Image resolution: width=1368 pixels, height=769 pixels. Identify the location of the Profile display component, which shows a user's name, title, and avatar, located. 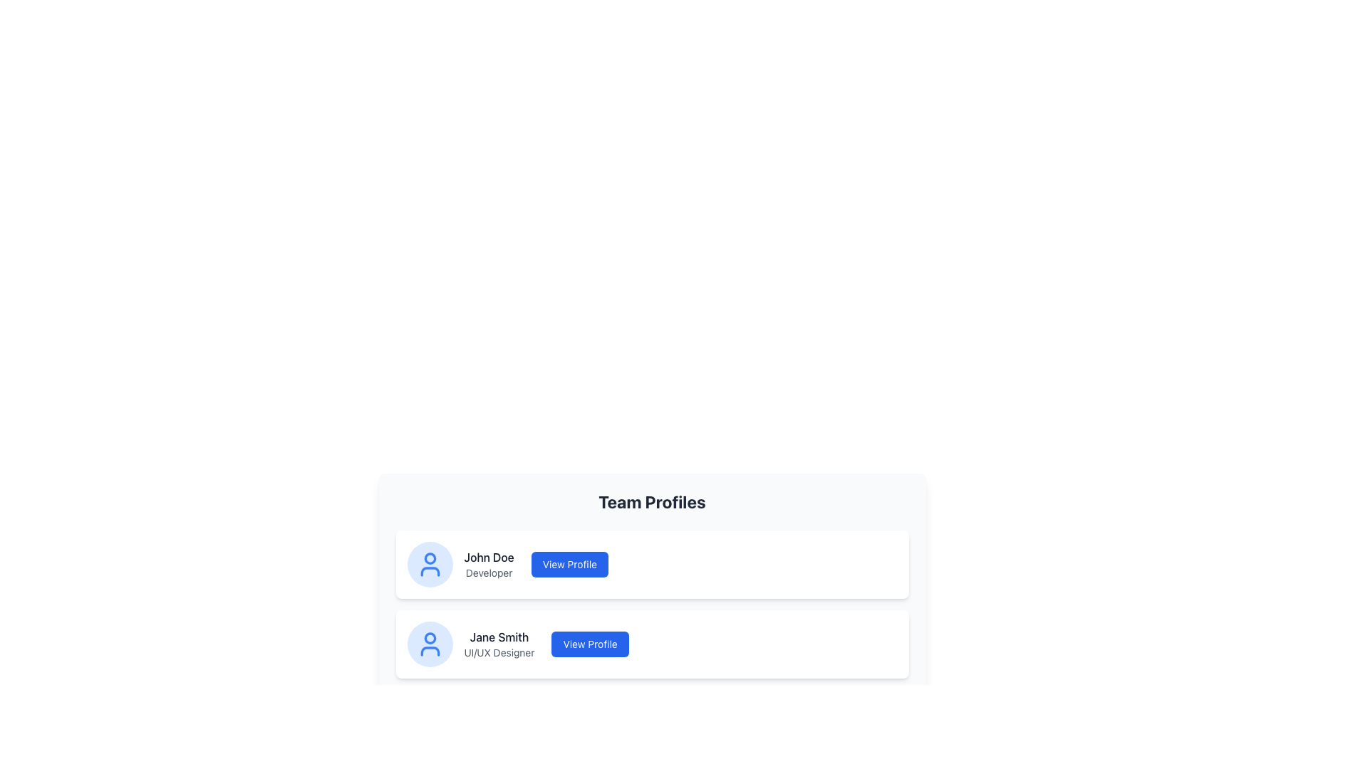
(460, 564).